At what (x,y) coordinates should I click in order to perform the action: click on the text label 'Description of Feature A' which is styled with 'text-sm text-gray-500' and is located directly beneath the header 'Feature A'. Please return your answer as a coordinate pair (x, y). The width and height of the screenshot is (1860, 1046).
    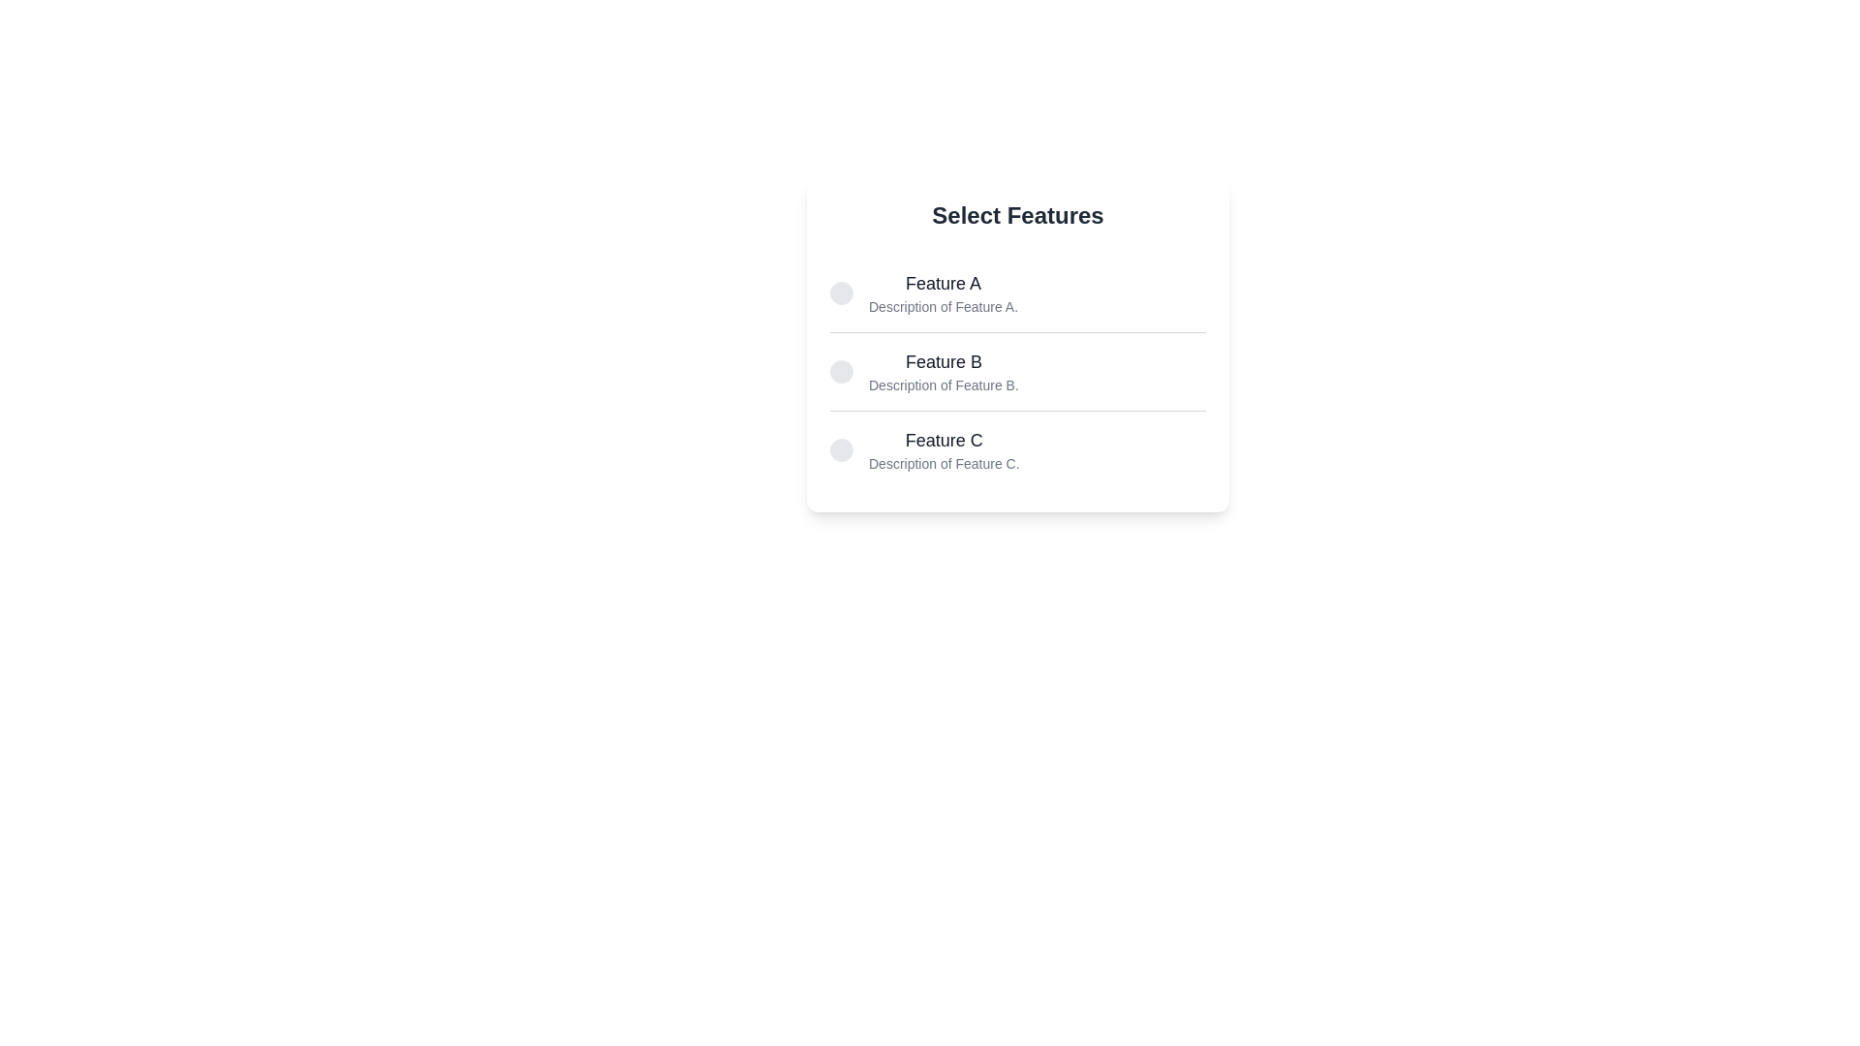
    Looking at the image, I should click on (944, 305).